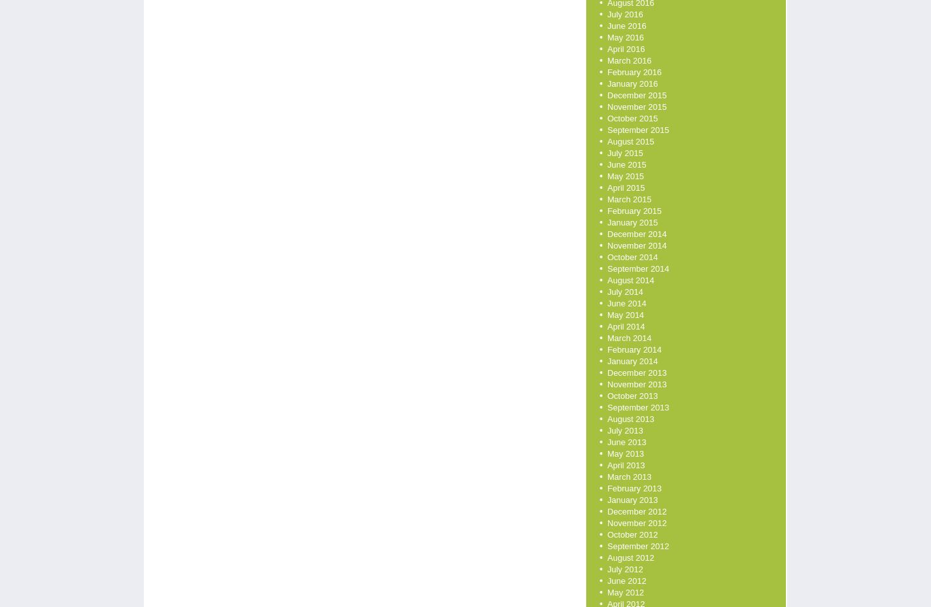  Describe the element at coordinates (625, 14) in the screenshot. I see `'July 2016'` at that location.